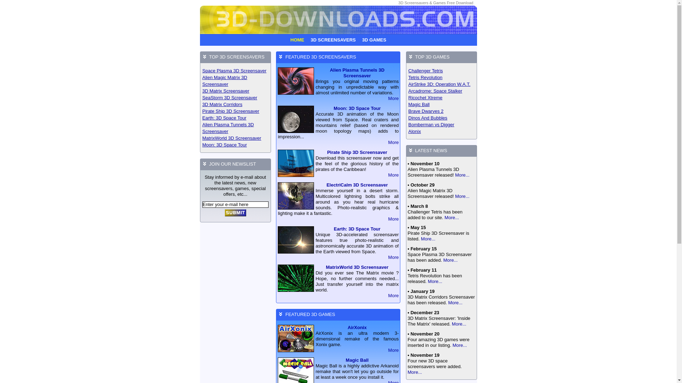 Image resolution: width=682 pixels, height=383 pixels. I want to click on 'Challenger Tetris', so click(441, 71).